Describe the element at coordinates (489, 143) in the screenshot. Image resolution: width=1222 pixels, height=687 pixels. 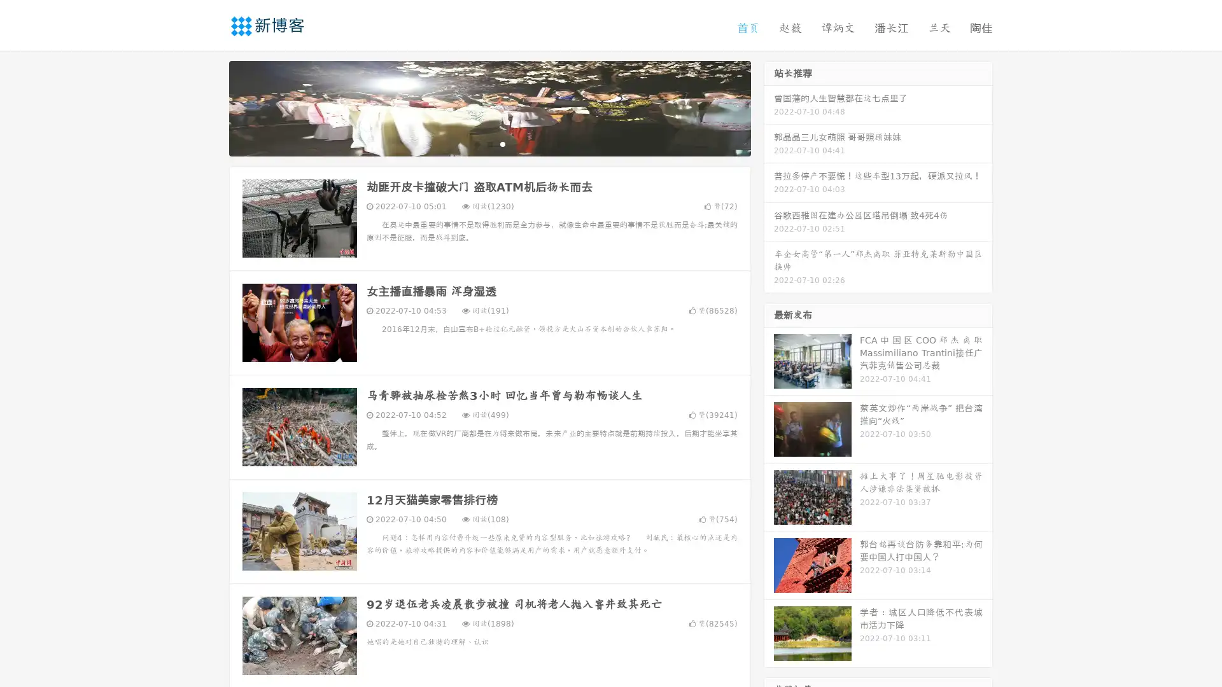
I see `Go to slide 2` at that location.